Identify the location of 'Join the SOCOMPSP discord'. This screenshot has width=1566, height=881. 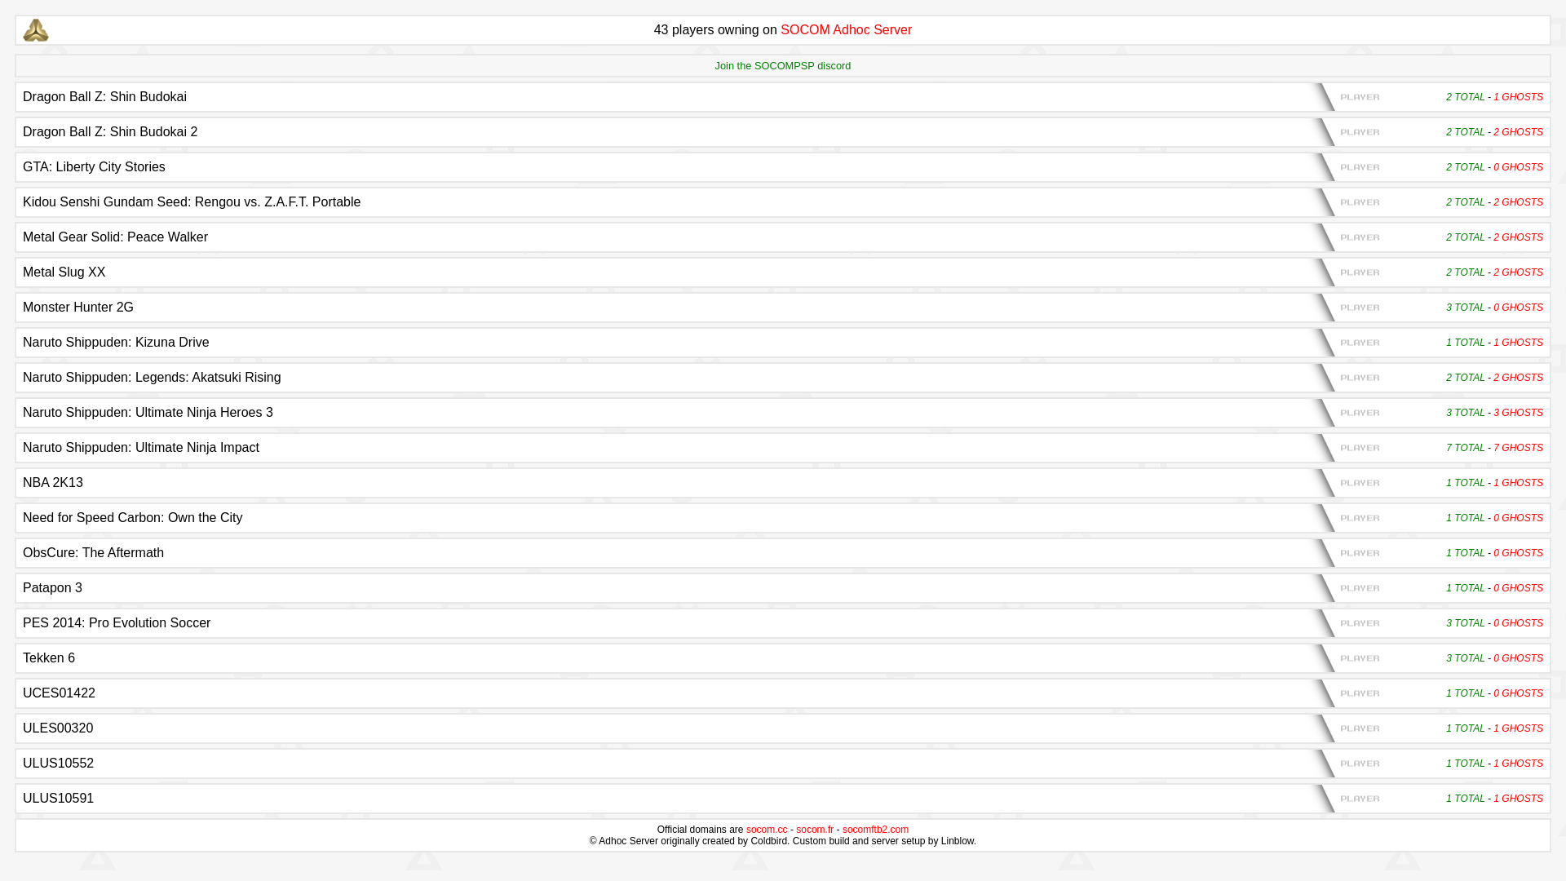
(783, 64).